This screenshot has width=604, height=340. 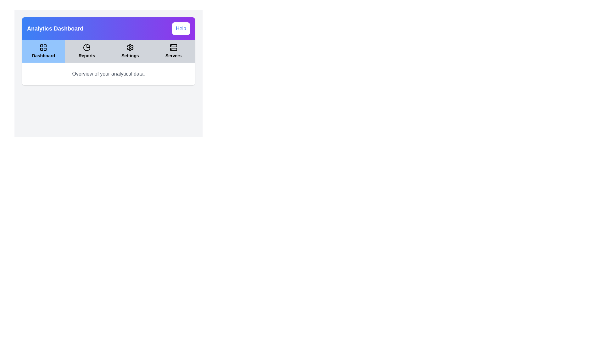 What do you see at coordinates (130, 47) in the screenshot?
I see `the Icon button located in the top navigation bar, which is the third item positioned between the Reports icon and the Servers icon, and aligned with the 'Settings' text below it` at bounding box center [130, 47].